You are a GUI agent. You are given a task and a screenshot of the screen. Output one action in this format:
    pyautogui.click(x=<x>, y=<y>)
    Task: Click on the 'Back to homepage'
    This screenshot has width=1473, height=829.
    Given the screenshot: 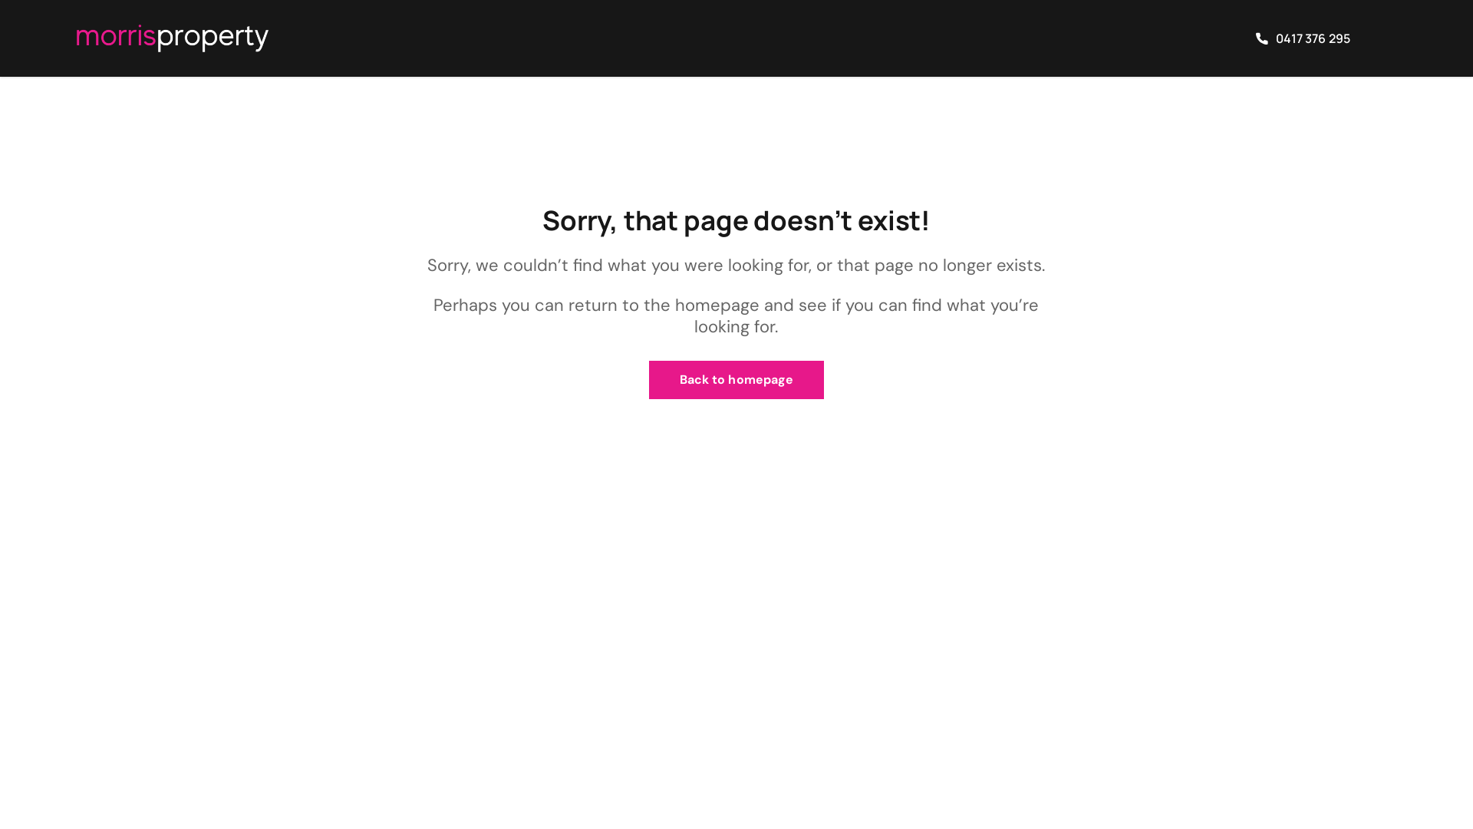 What is the action you would take?
    pyautogui.click(x=648, y=379)
    